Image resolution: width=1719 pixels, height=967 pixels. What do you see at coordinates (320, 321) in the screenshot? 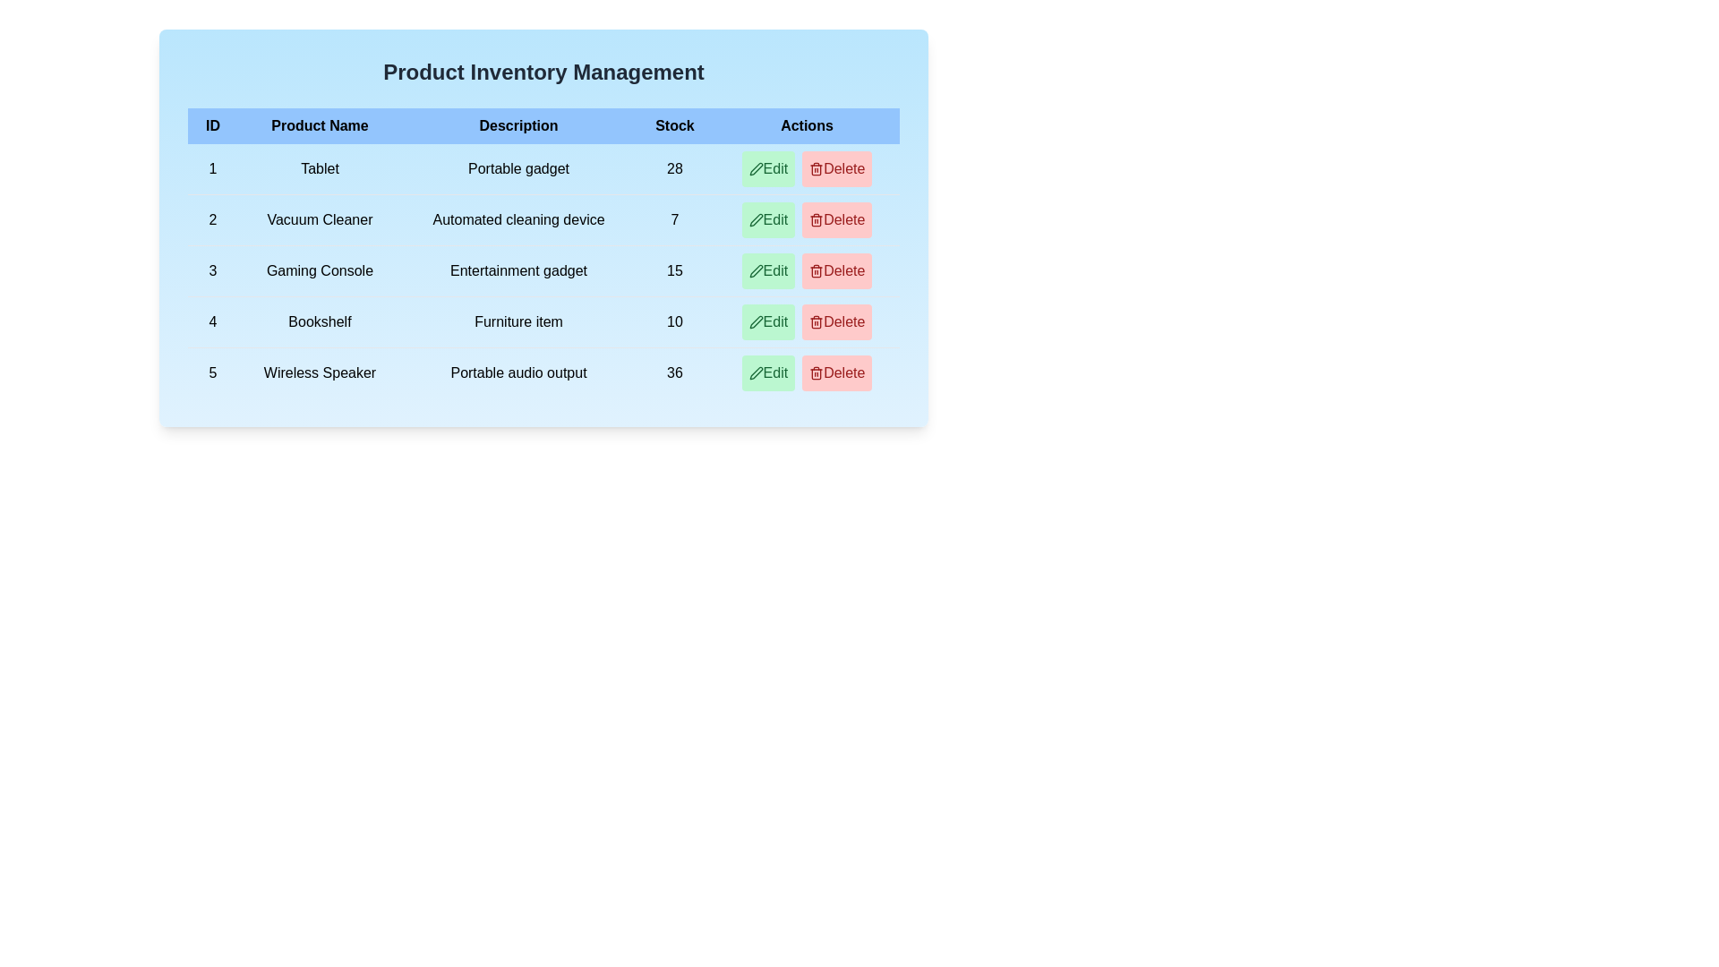
I see `the text label displaying the name of the product in the second column of the fourth row in the product table, positioned between the 'ID' column value '4' and the 'Description' column value 'Furniture item'` at bounding box center [320, 321].